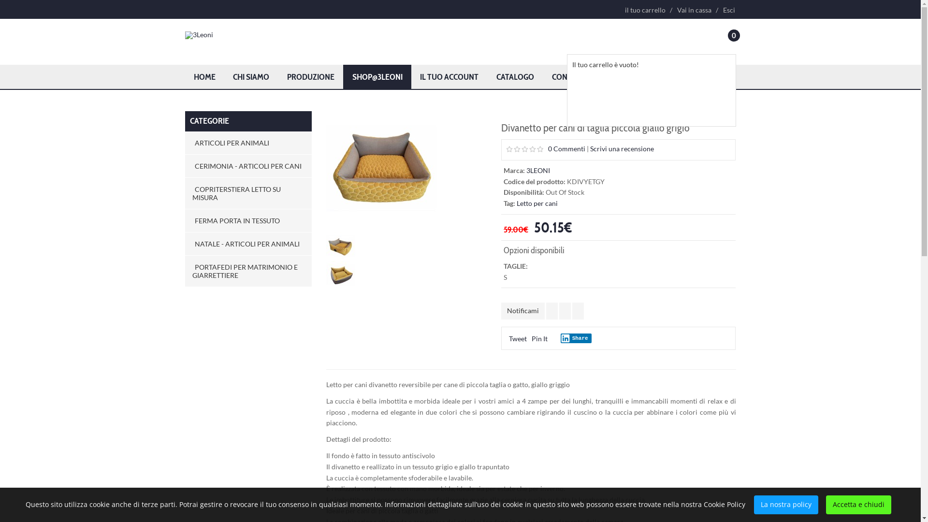 The height and width of the screenshot is (522, 928). Describe the element at coordinates (671, 10) in the screenshot. I see `'Vai in cassa'` at that location.